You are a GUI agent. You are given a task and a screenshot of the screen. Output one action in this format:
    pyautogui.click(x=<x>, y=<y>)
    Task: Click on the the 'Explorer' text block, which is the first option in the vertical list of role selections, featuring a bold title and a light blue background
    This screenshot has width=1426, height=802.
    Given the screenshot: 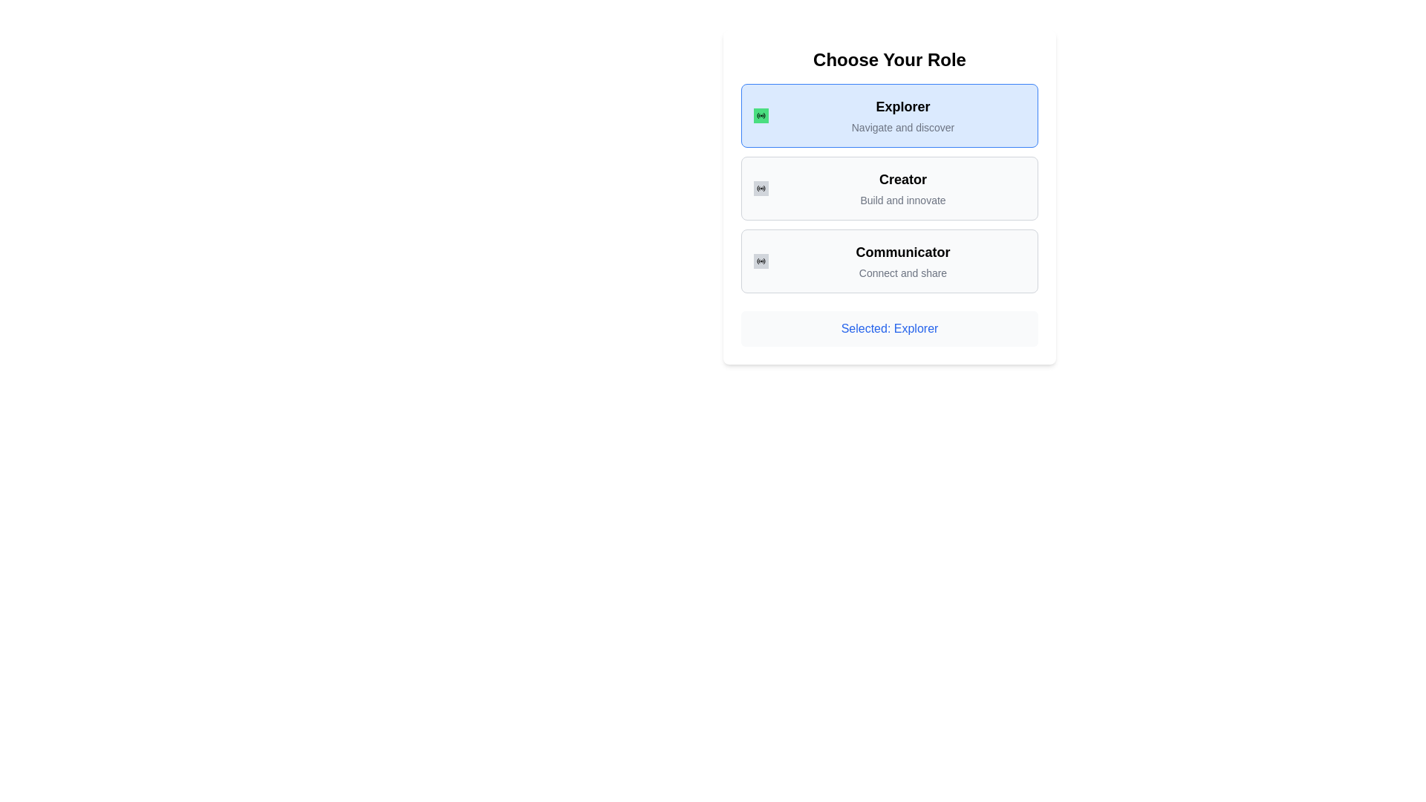 What is the action you would take?
    pyautogui.click(x=902, y=114)
    